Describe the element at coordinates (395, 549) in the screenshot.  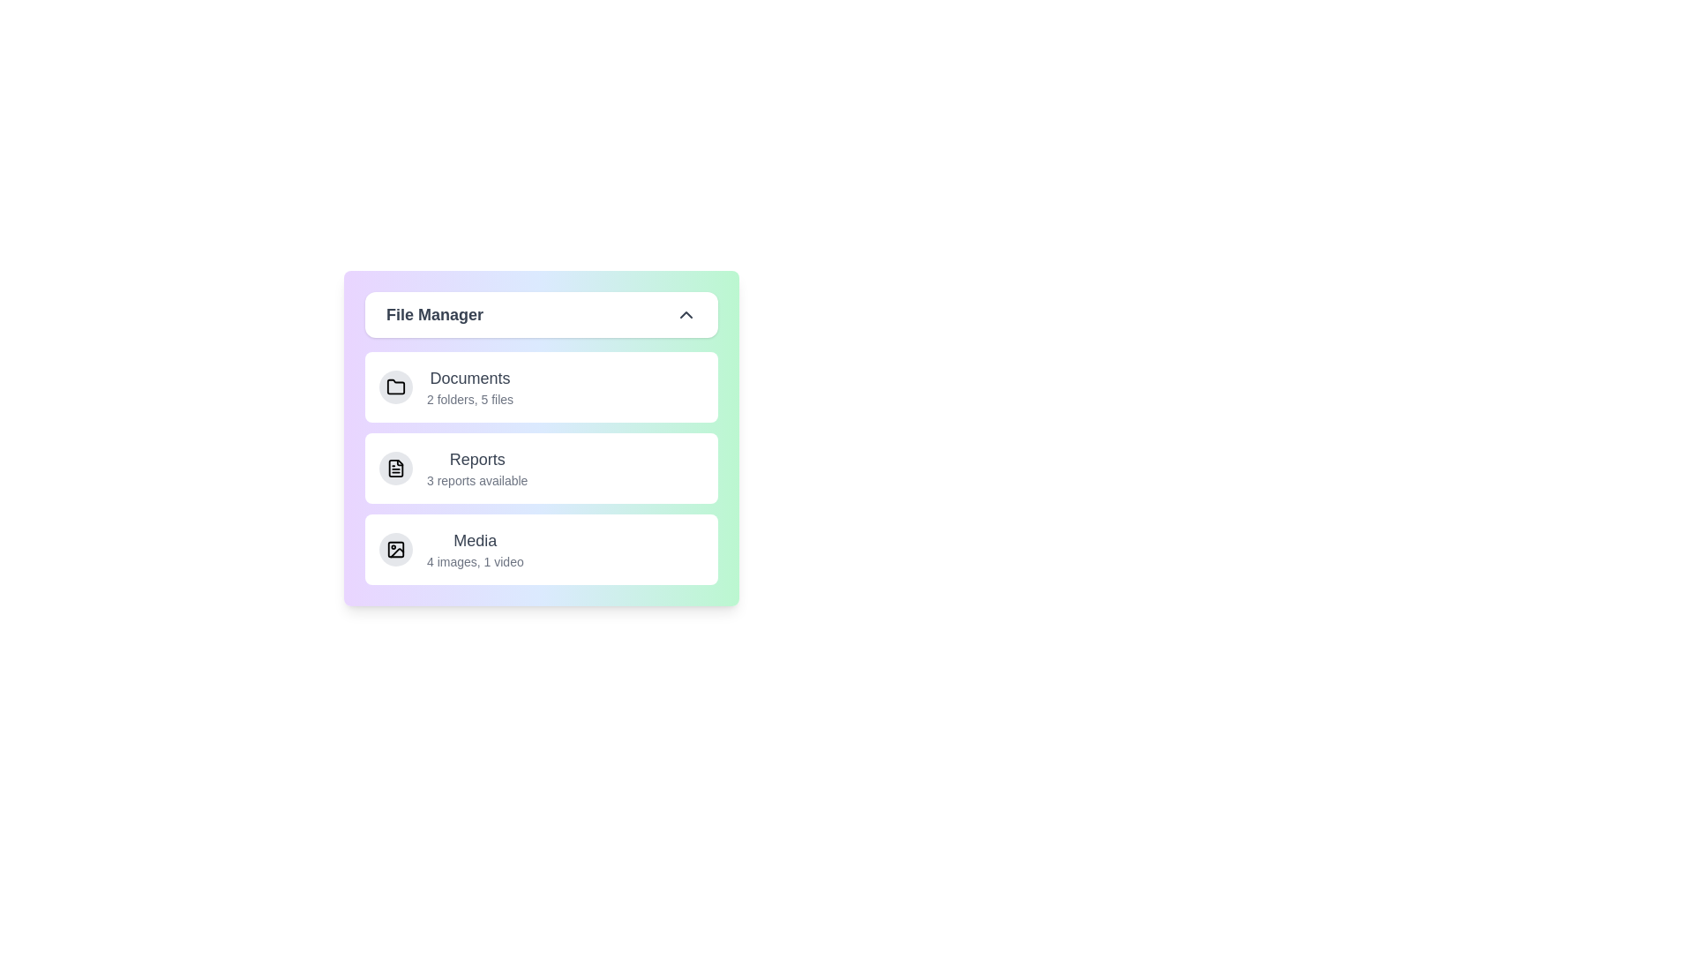
I see `the icon for Media to inspect it` at that location.